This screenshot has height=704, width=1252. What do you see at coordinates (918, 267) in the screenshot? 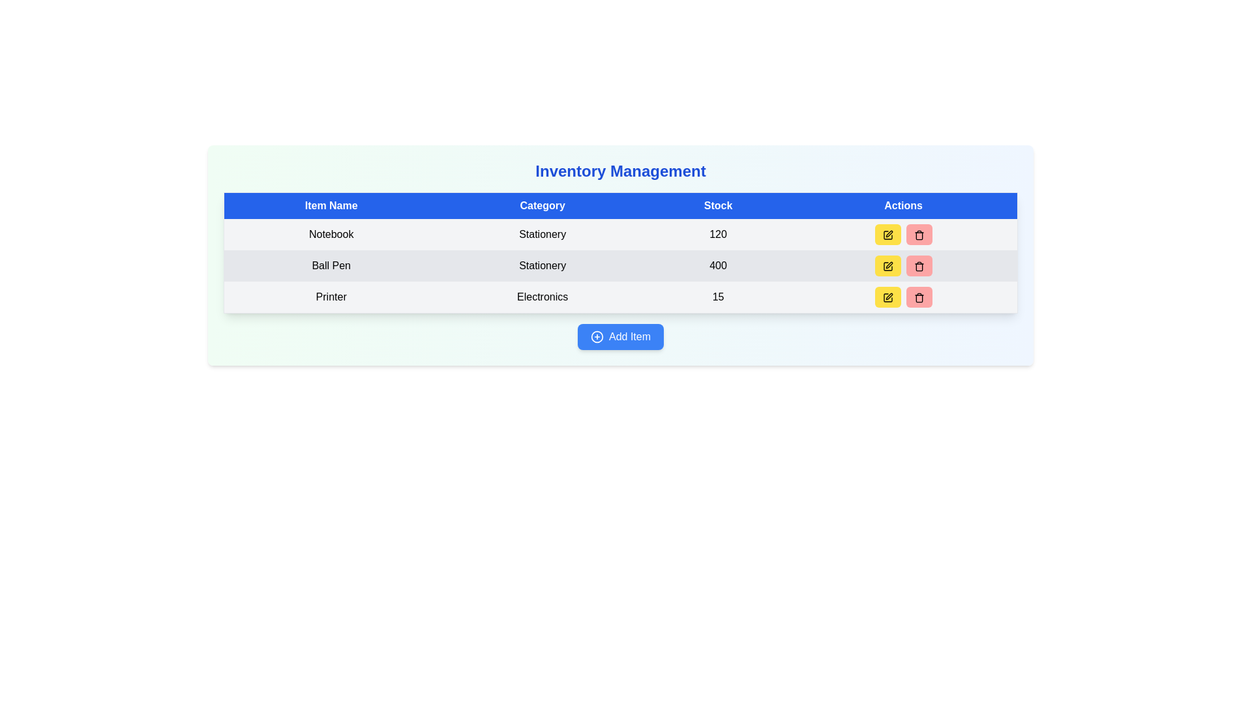
I see `the trash can icon located in the actions column of the third row of the data table` at bounding box center [918, 267].